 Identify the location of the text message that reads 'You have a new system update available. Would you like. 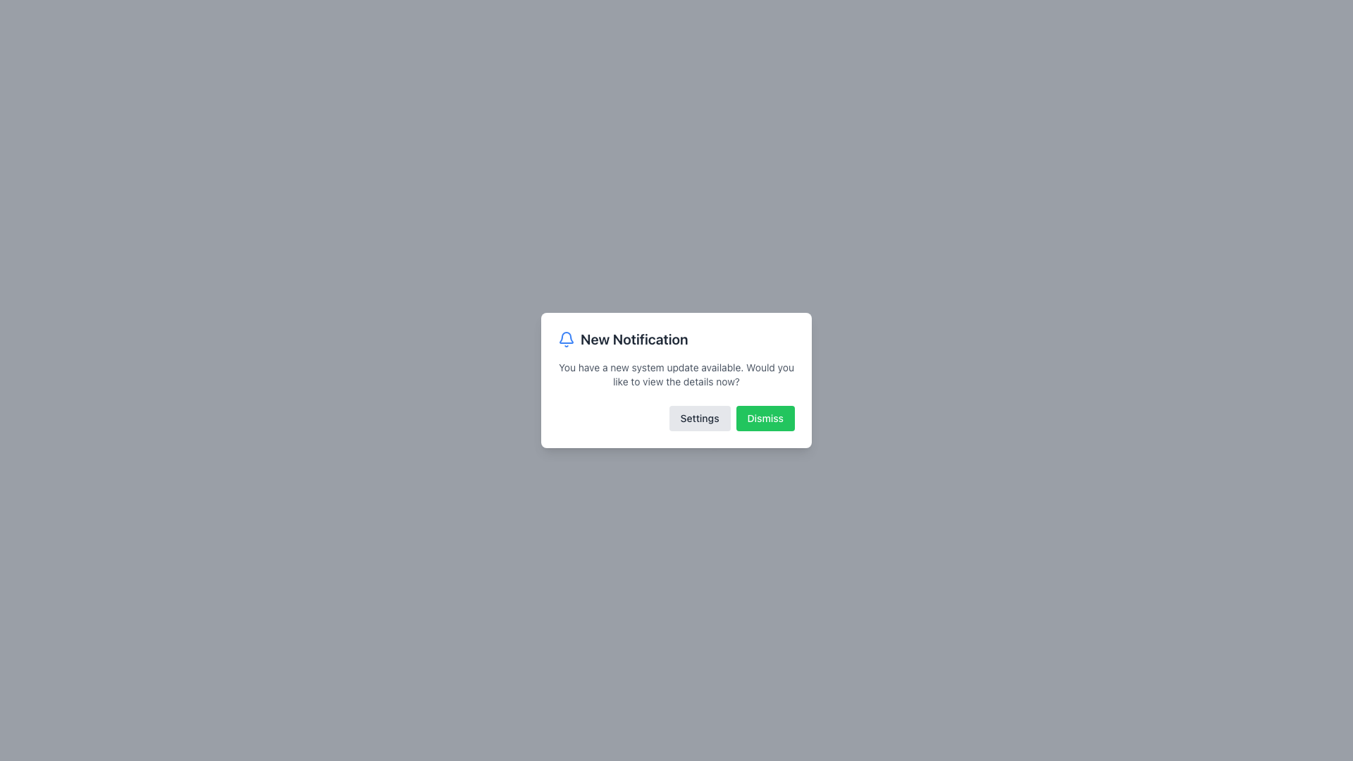
(676, 374).